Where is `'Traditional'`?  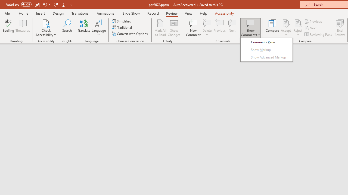 'Traditional' is located at coordinates (122, 27).